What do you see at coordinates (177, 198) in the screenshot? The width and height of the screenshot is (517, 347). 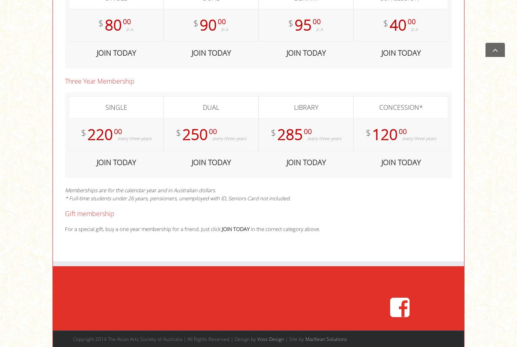 I see `'* Full-time students under 26 years, pensioners, unemployed with ID, Seniors Card not included.'` at bounding box center [177, 198].